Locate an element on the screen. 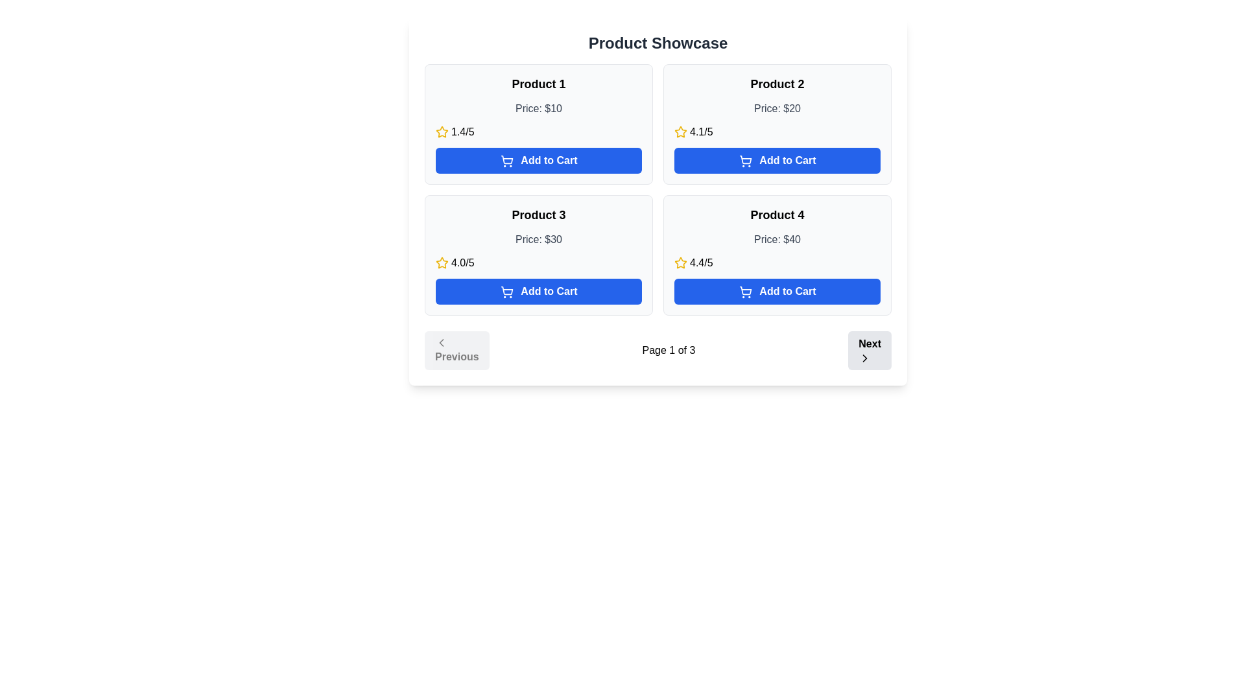  the blue shopping cart icon outline, which is part of the 'Add to Cart' button for 'Product 2' is located at coordinates (745, 159).